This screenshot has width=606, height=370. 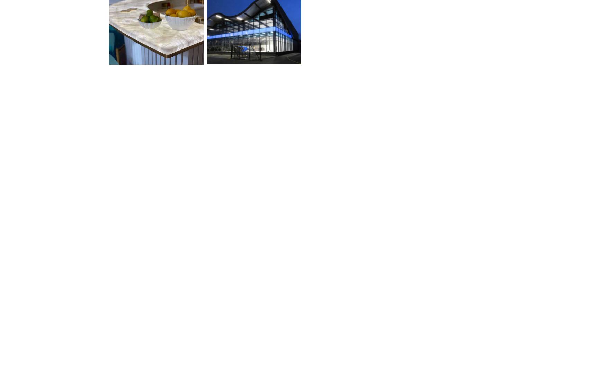 What do you see at coordinates (250, 82) in the screenshot?
I see `'Bespoke LED Lightboxes by Addlux'` at bounding box center [250, 82].